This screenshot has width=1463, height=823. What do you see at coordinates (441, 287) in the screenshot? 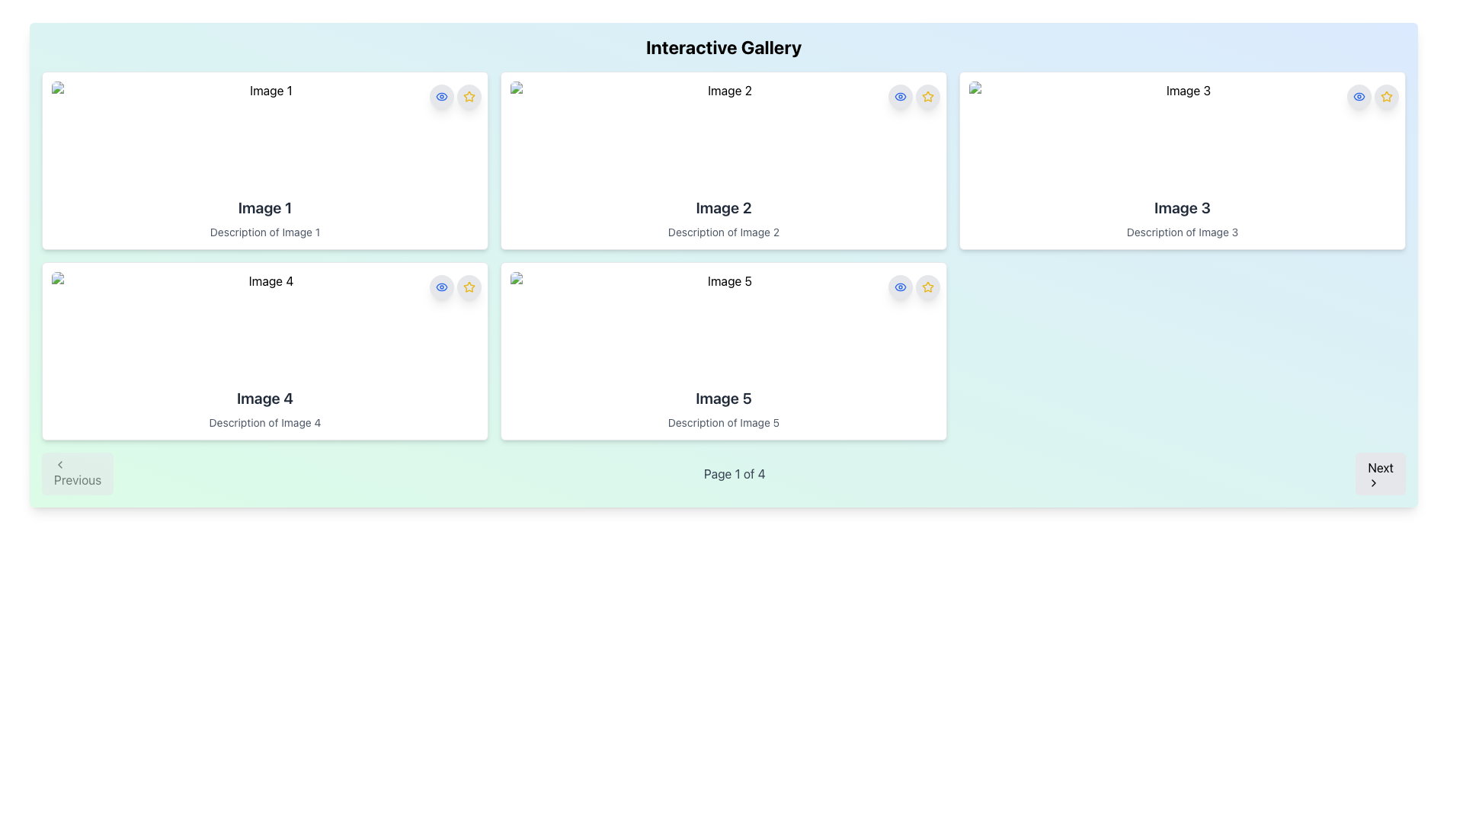
I see `the interactive icon located in the top-right corner of the 'Image 1' tile` at bounding box center [441, 287].